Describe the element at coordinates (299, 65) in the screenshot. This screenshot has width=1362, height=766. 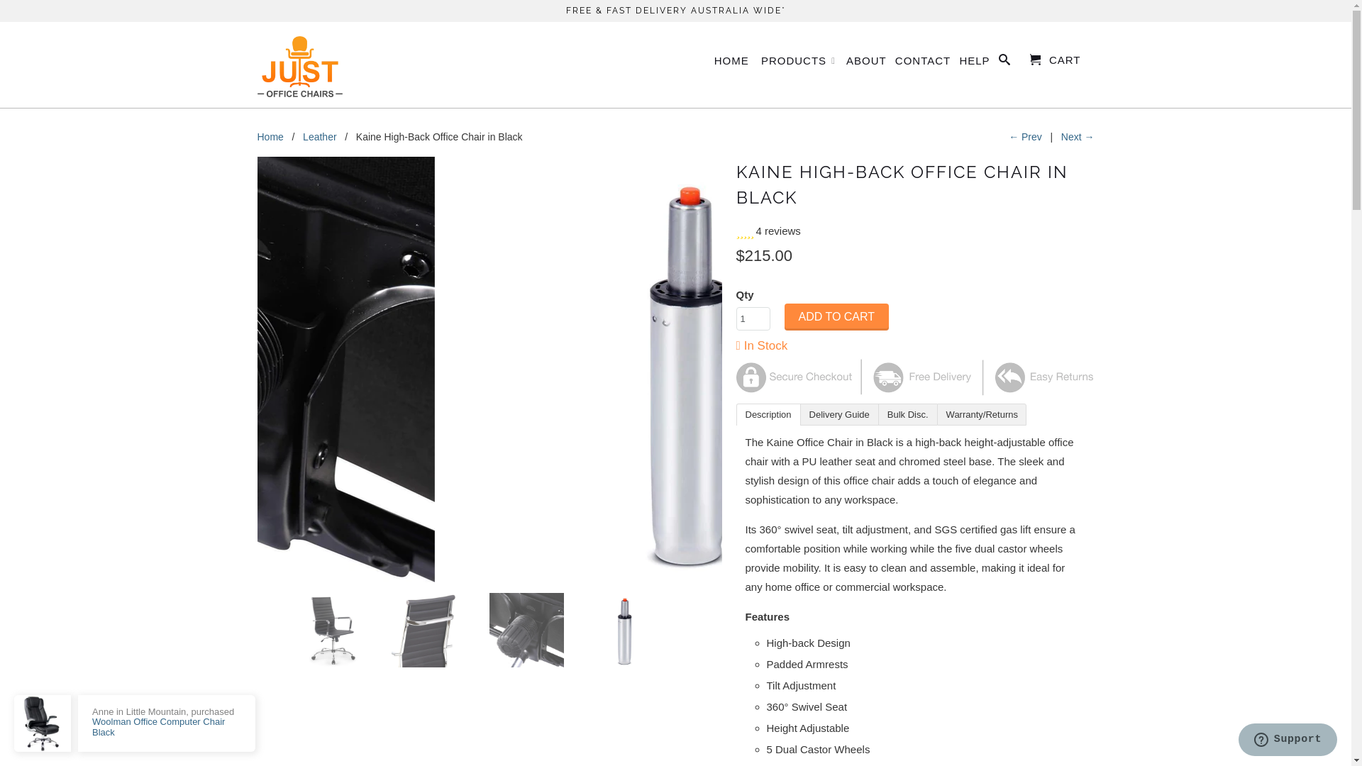
I see `'Just Office Chairs'` at that location.